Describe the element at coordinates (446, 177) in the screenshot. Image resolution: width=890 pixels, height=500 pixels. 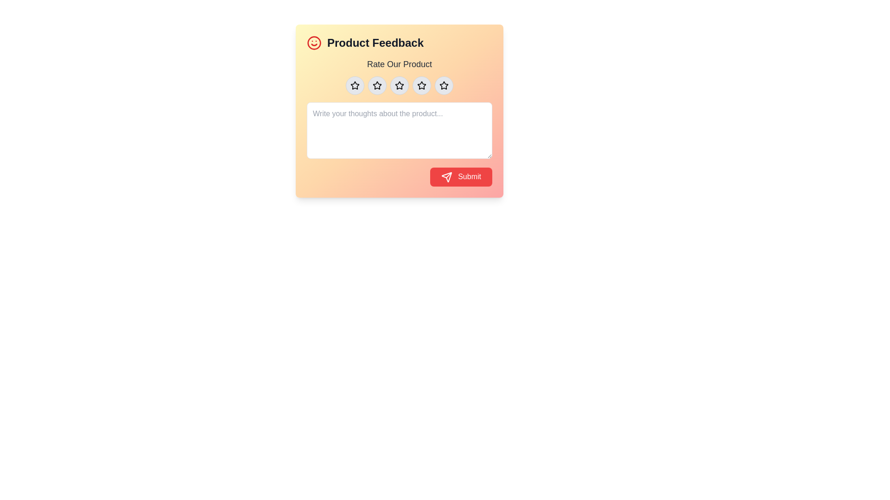
I see `the icon within the 'Submit' button, which is located near the bottom right of the feedback form UI` at that location.